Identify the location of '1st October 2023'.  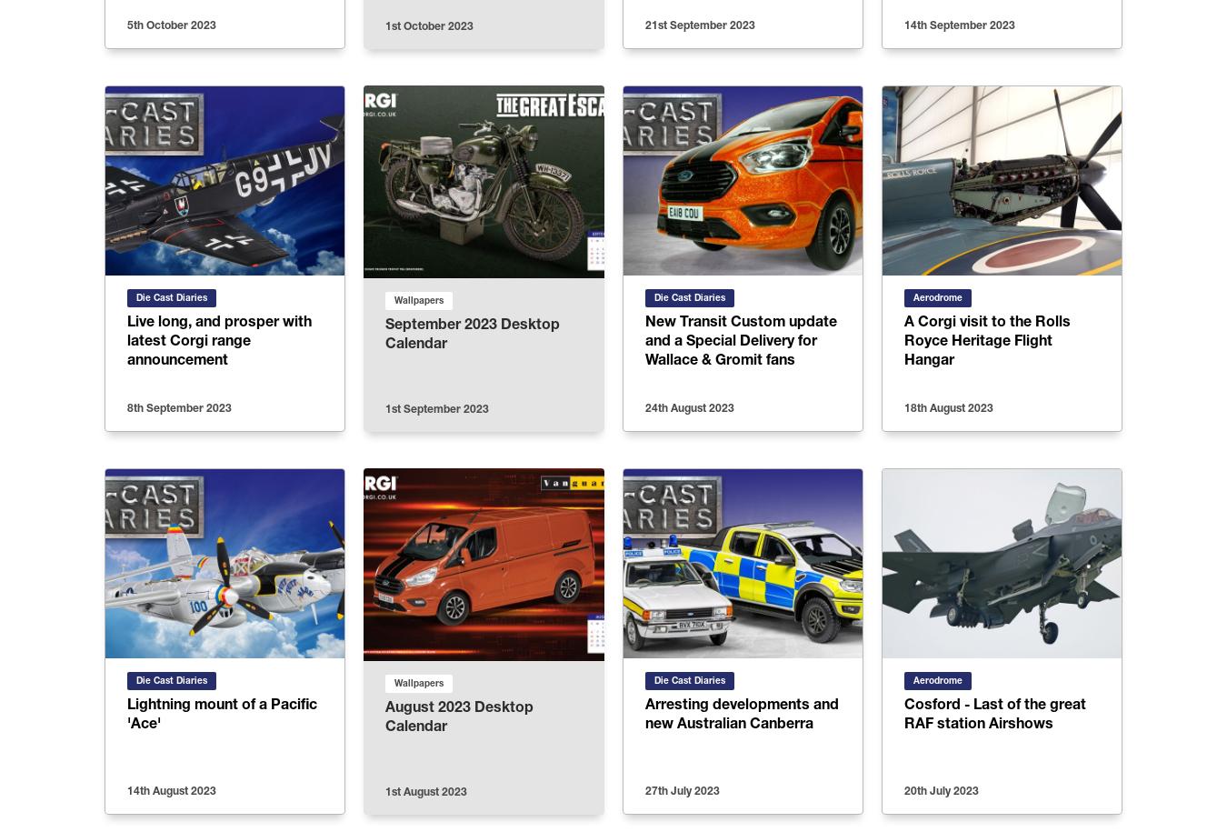
(428, 25).